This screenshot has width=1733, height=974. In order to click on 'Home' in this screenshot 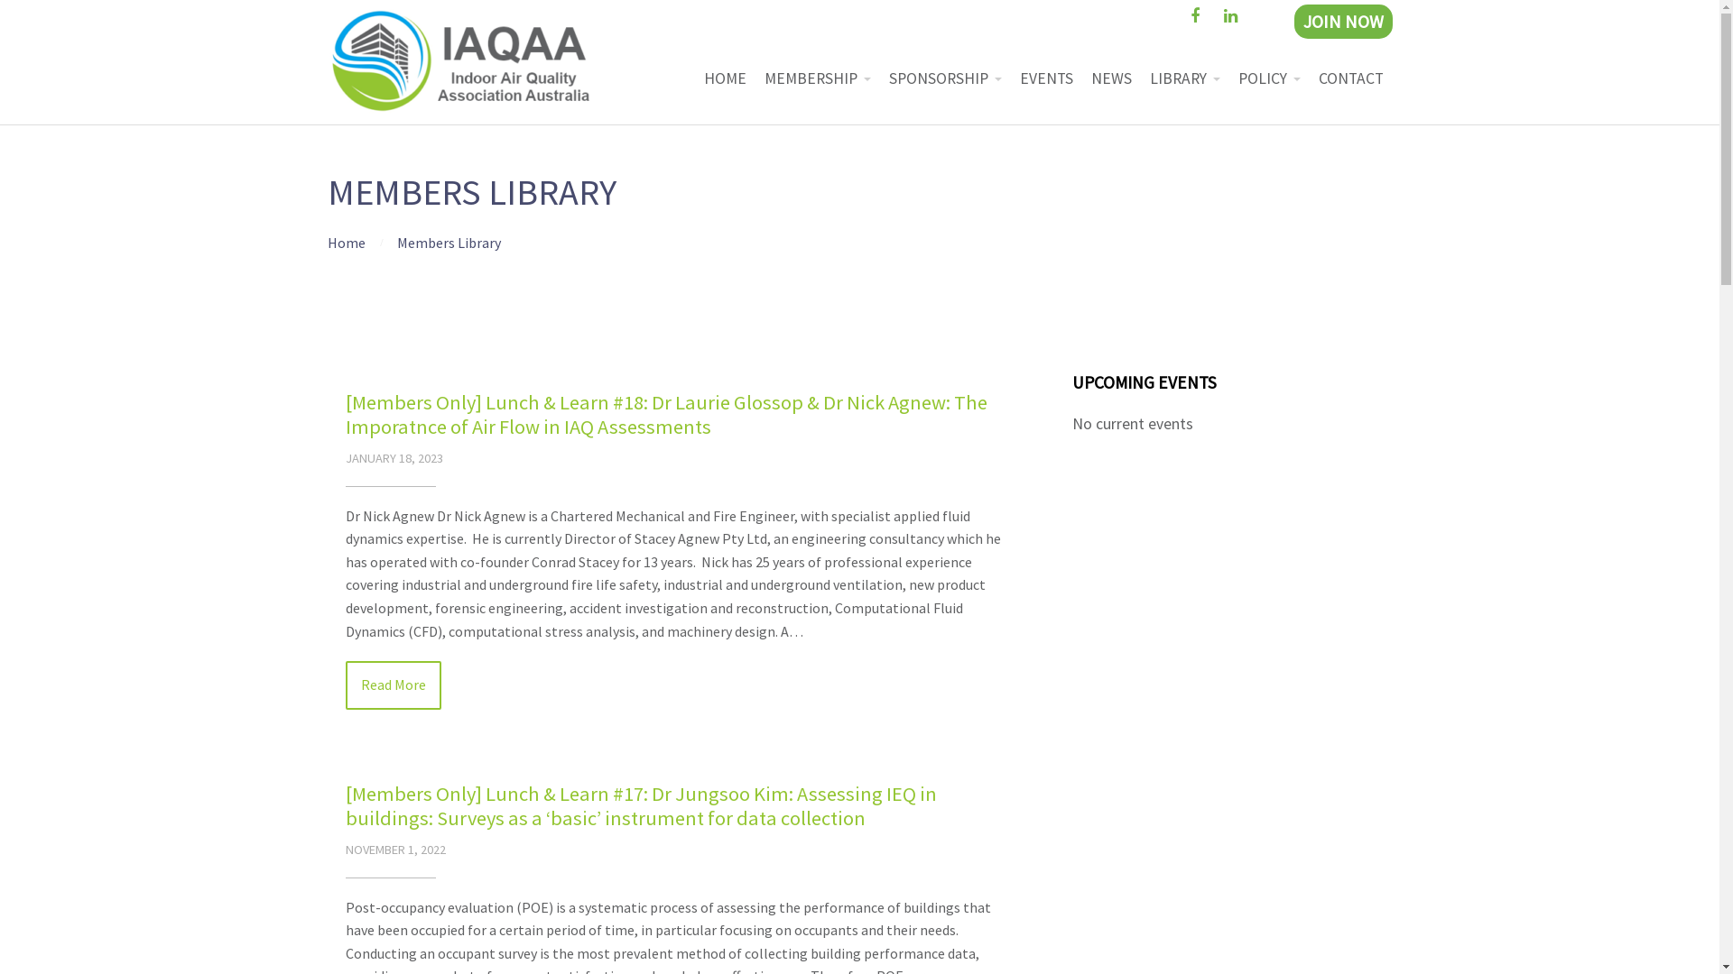, I will do `click(346, 242)`.